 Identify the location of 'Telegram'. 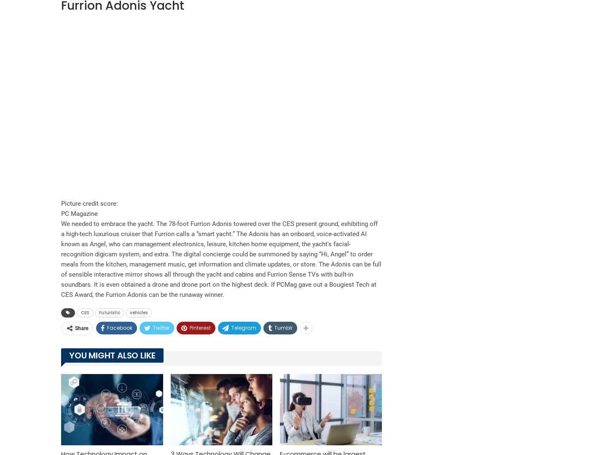
(244, 327).